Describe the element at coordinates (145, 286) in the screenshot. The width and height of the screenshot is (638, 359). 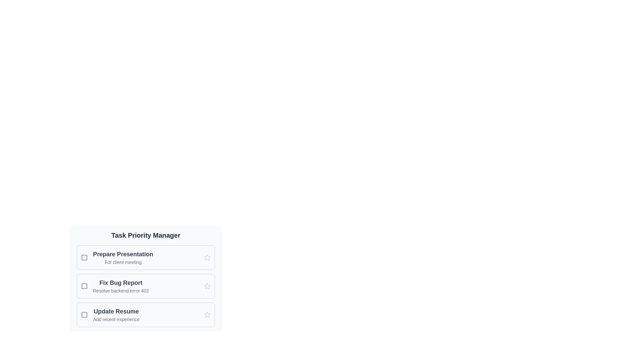
I see `the star icon on the task item titled 'Fix Bug Report' to prioritize the task` at that location.